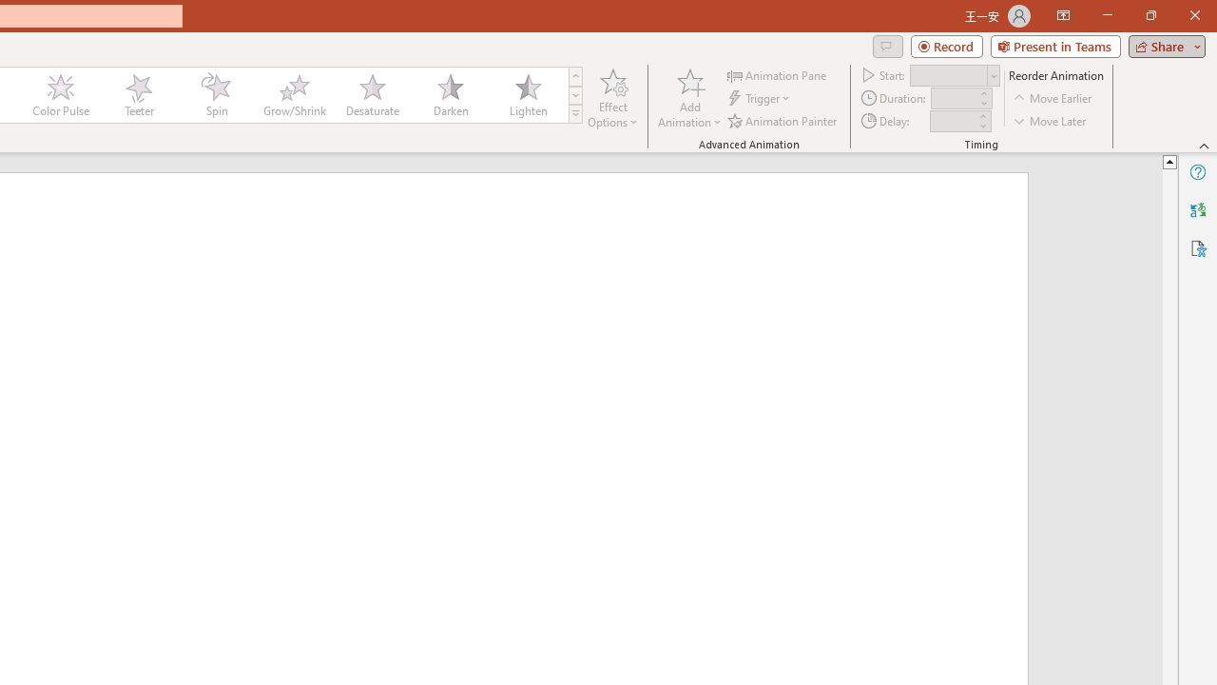  What do you see at coordinates (372, 95) in the screenshot?
I see `'Desaturate'` at bounding box center [372, 95].